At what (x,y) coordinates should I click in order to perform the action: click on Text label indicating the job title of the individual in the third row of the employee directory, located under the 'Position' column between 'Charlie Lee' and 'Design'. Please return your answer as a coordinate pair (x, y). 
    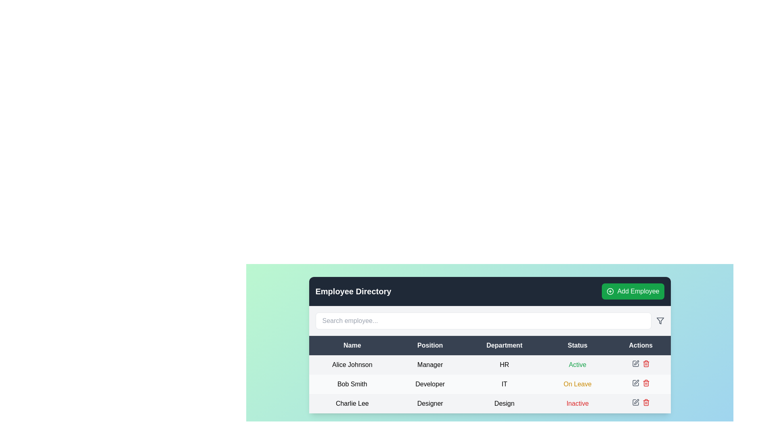
    Looking at the image, I should click on (429, 403).